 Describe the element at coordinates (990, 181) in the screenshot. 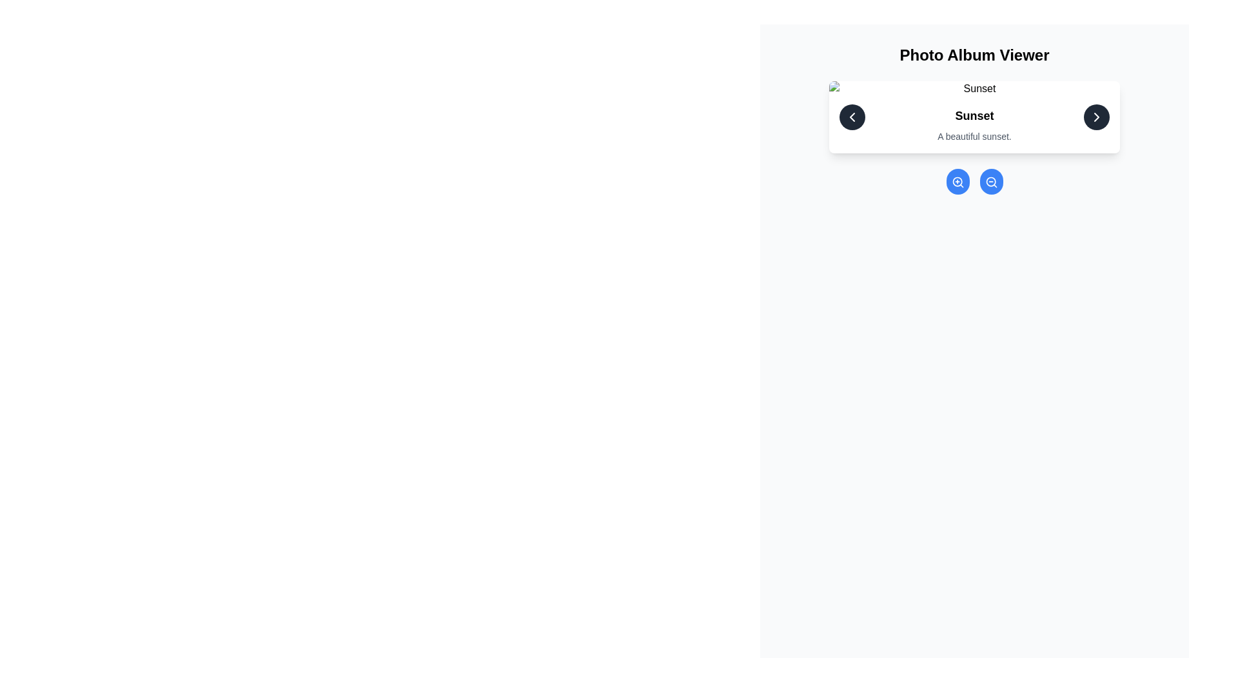

I see `the zoom out button located near the bottom of the main content area, which is the second button in a row of two` at that location.